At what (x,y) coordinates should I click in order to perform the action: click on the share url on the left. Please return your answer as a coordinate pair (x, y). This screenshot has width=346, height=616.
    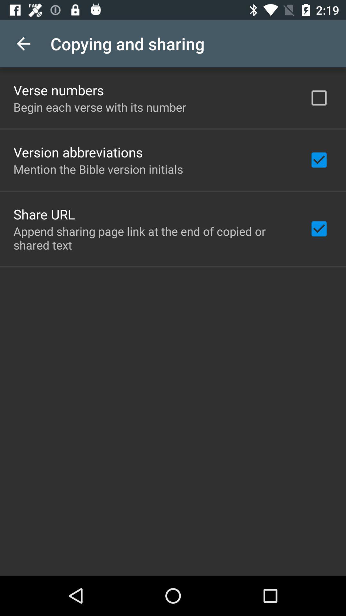
    Looking at the image, I should click on (44, 214).